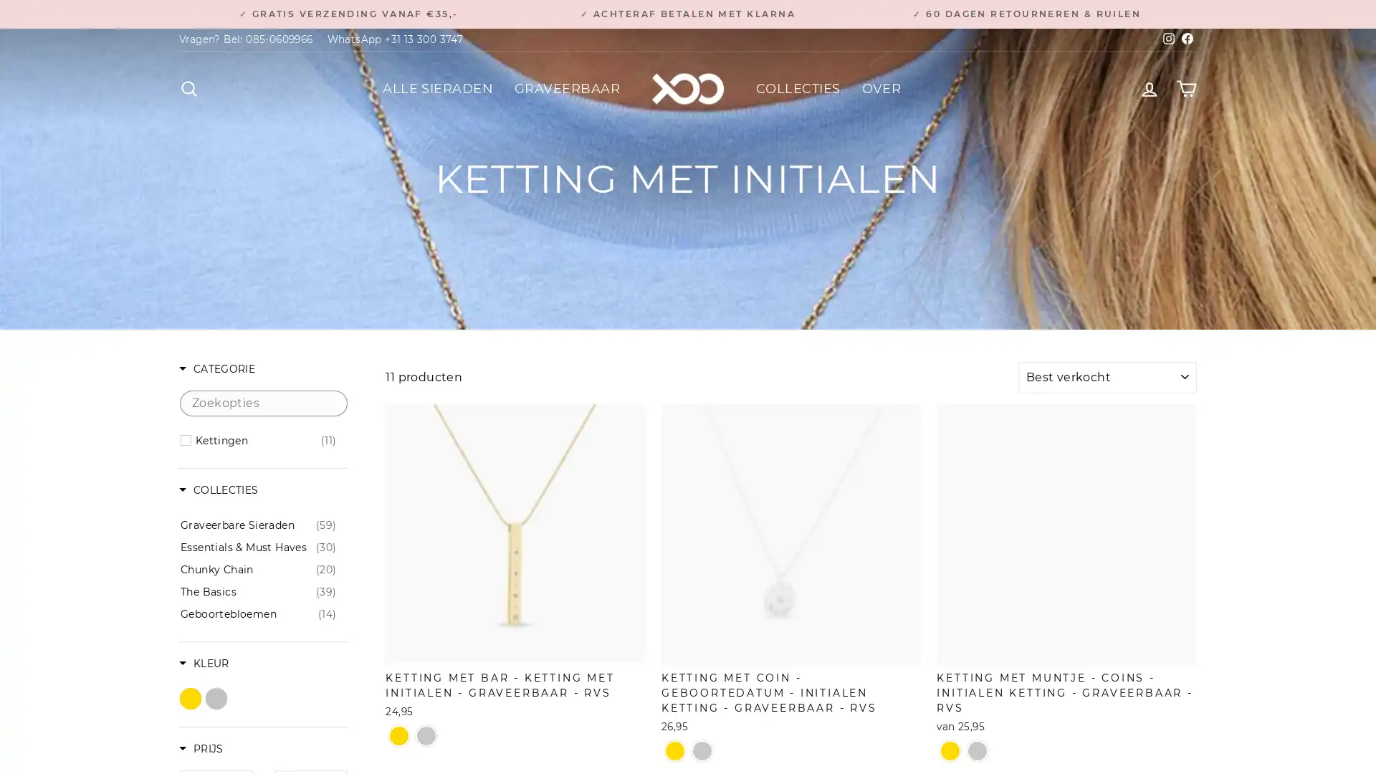 This screenshot has height=774, width=1376. What do you see at coordinates (692, 8) in the screenshot?
I see `Pauzeer slideshow` at bounding box center [692, 8].